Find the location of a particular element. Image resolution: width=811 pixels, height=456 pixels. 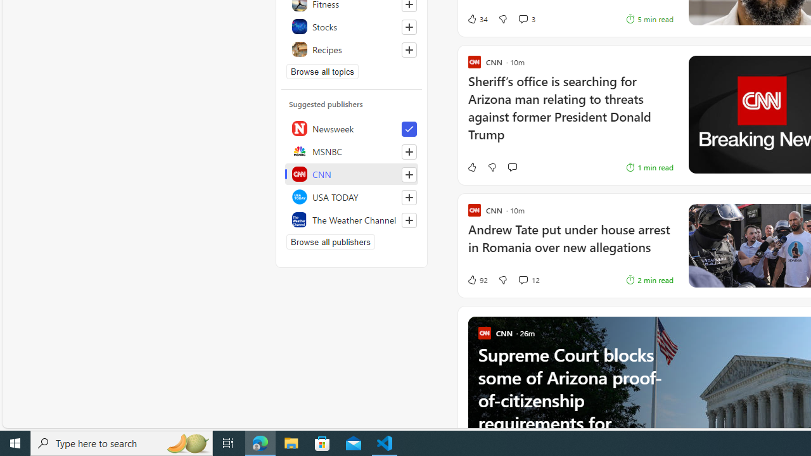

'Recipes' is located at coordinates (352, 49).